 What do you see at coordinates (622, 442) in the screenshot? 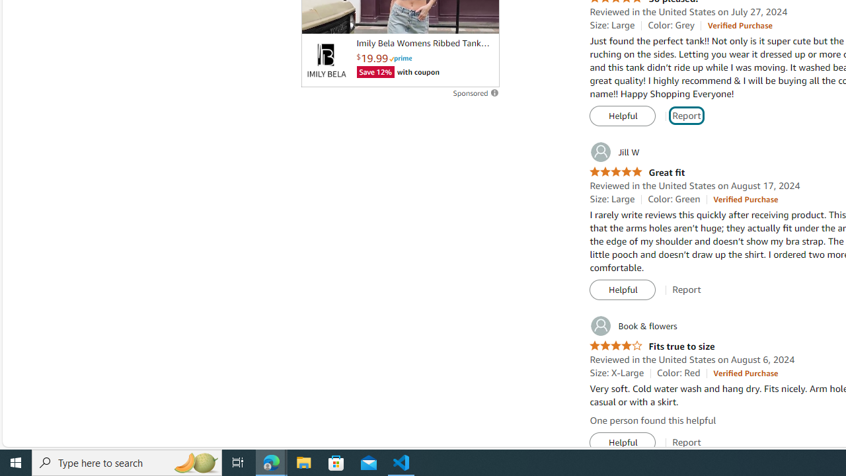
I see `'Helpful'` at bounding box center [622, 442].